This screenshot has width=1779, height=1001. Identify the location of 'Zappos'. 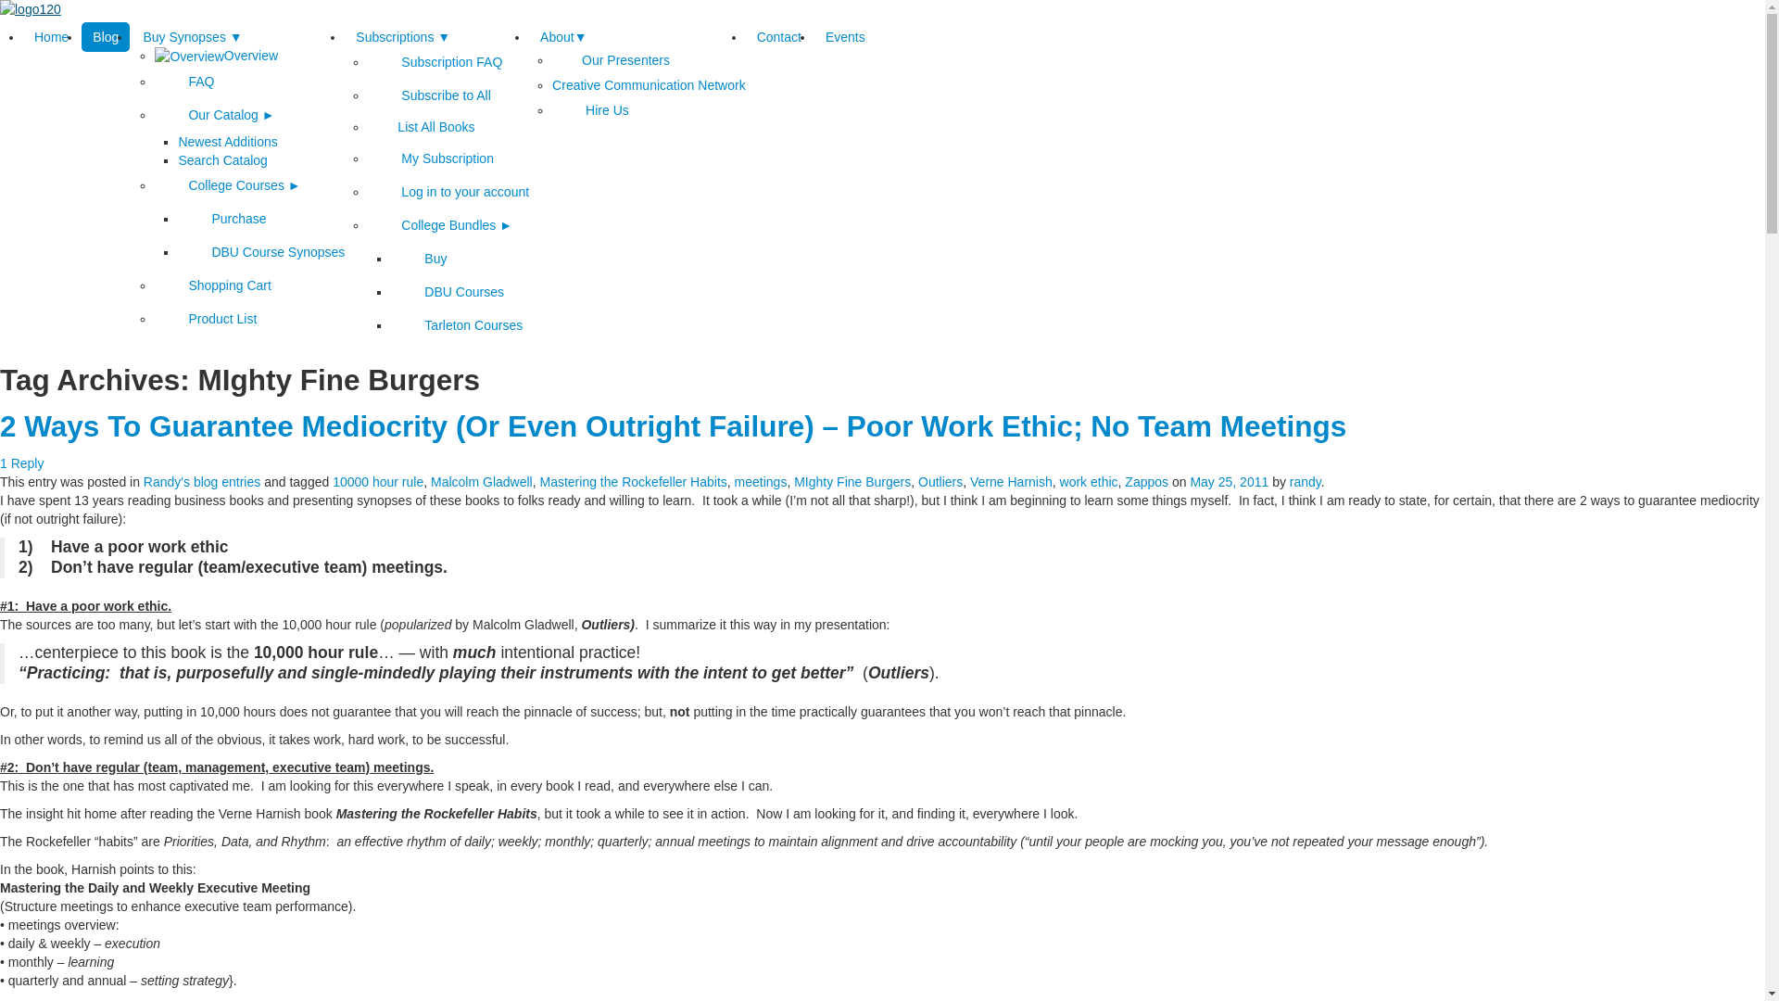
(1145, 481).